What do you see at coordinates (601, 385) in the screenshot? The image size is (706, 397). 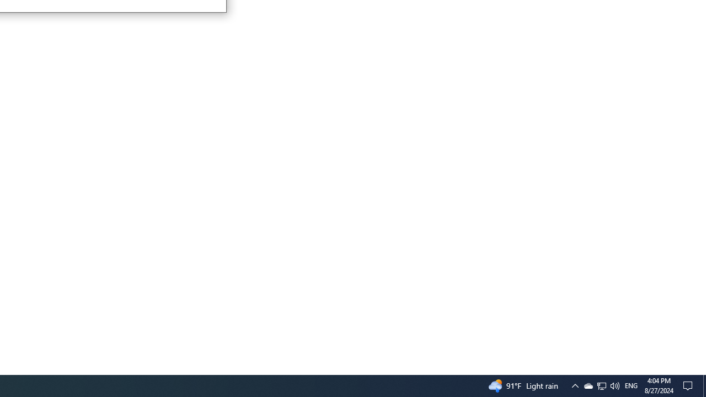 I see `'Tray Input Indicator - English (United States)'` at bounding box center [601, 385].